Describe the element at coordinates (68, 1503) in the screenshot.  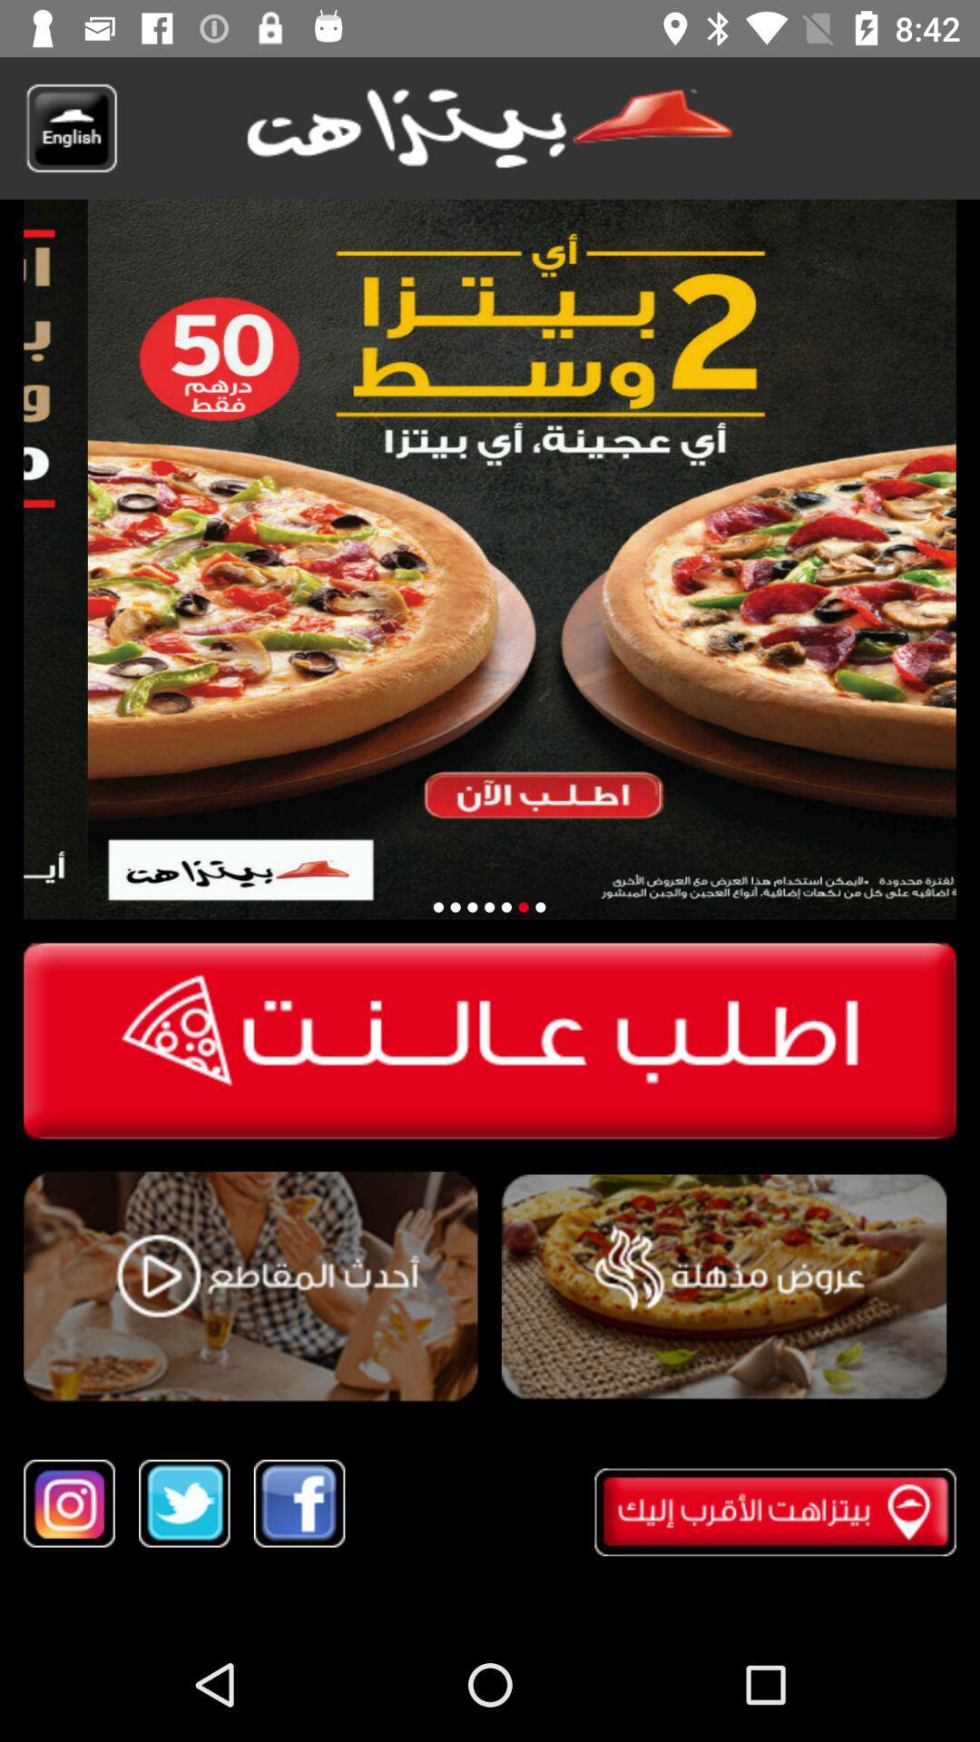
I see `instagram` at that location.